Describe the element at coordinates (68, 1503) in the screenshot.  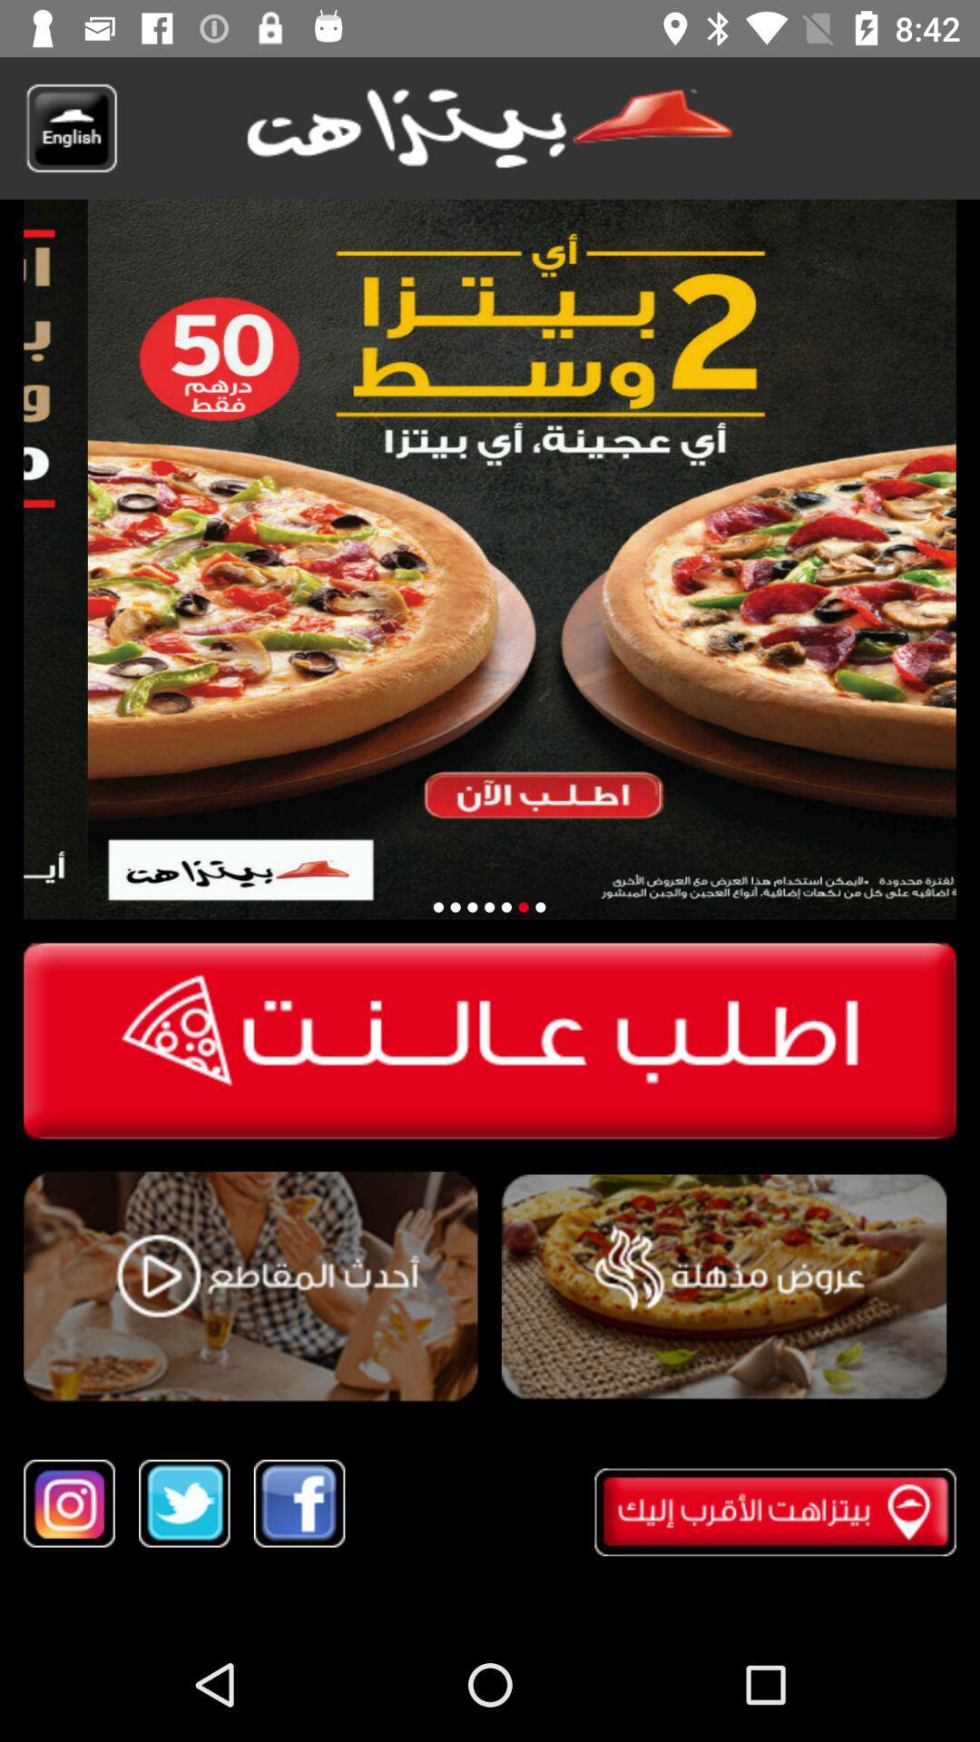
I see `instagram` at that location.